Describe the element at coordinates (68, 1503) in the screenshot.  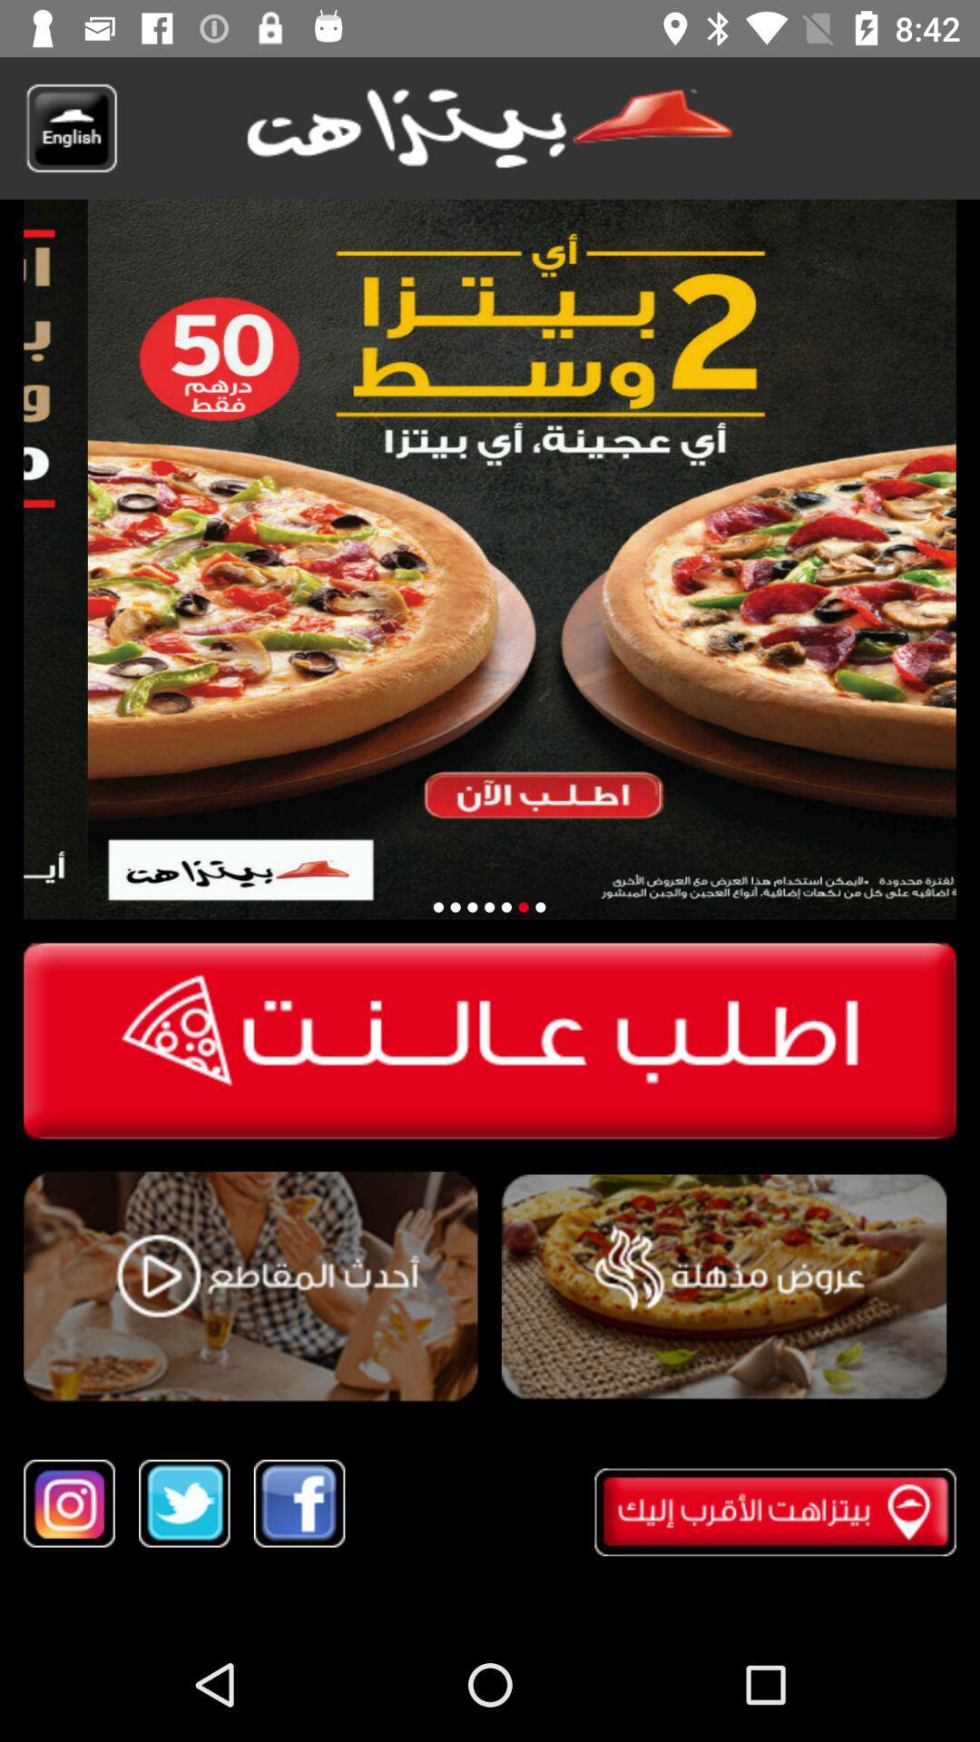
I see `instagram` at that location.